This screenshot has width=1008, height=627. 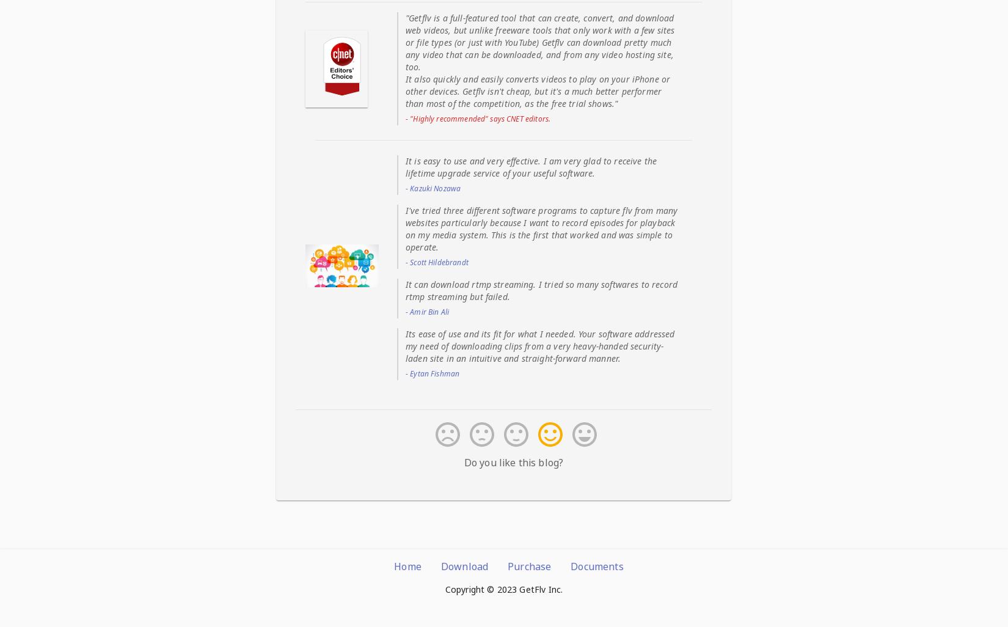 I want to click on 'Copyright ©', so click(x=470, y=588).